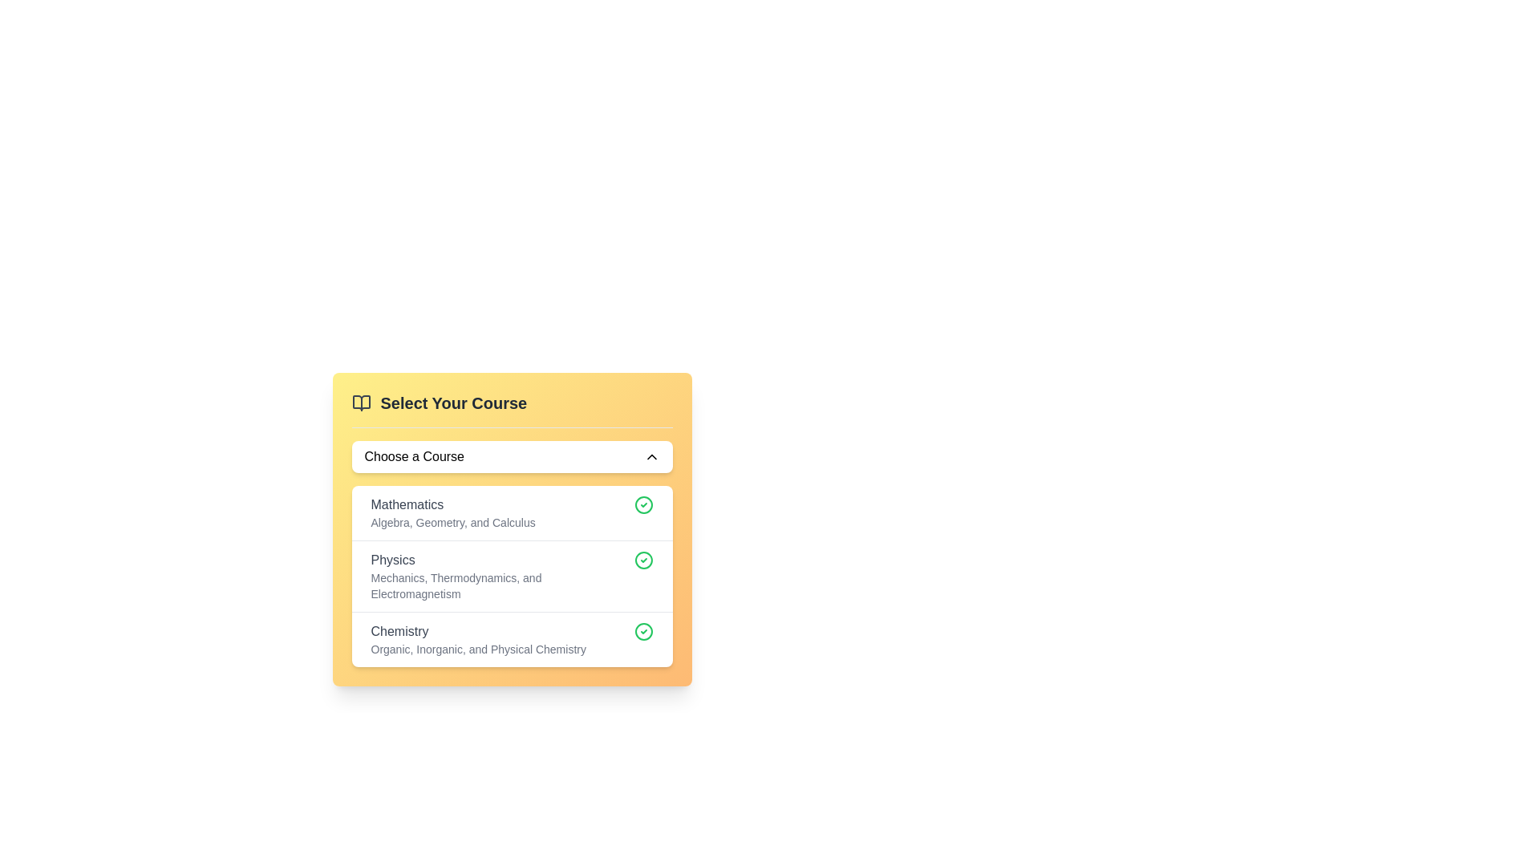 The width and height of the screenshot is (1540, 866). What do you see at coordinates (414, 457) in the screenshot?
I see `the text label that prompts the user to select a course from the dropdown menu located beneath the 'Select Your Course' heading` at bounding box center [414, 457].